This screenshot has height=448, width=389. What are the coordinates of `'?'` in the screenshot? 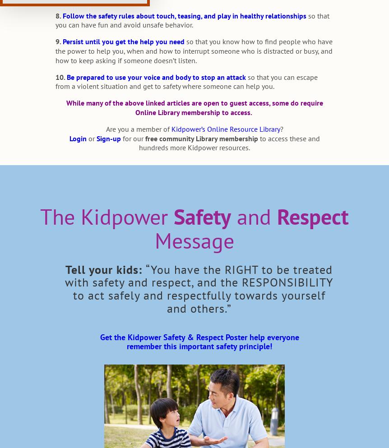 It's located at (281, 128).